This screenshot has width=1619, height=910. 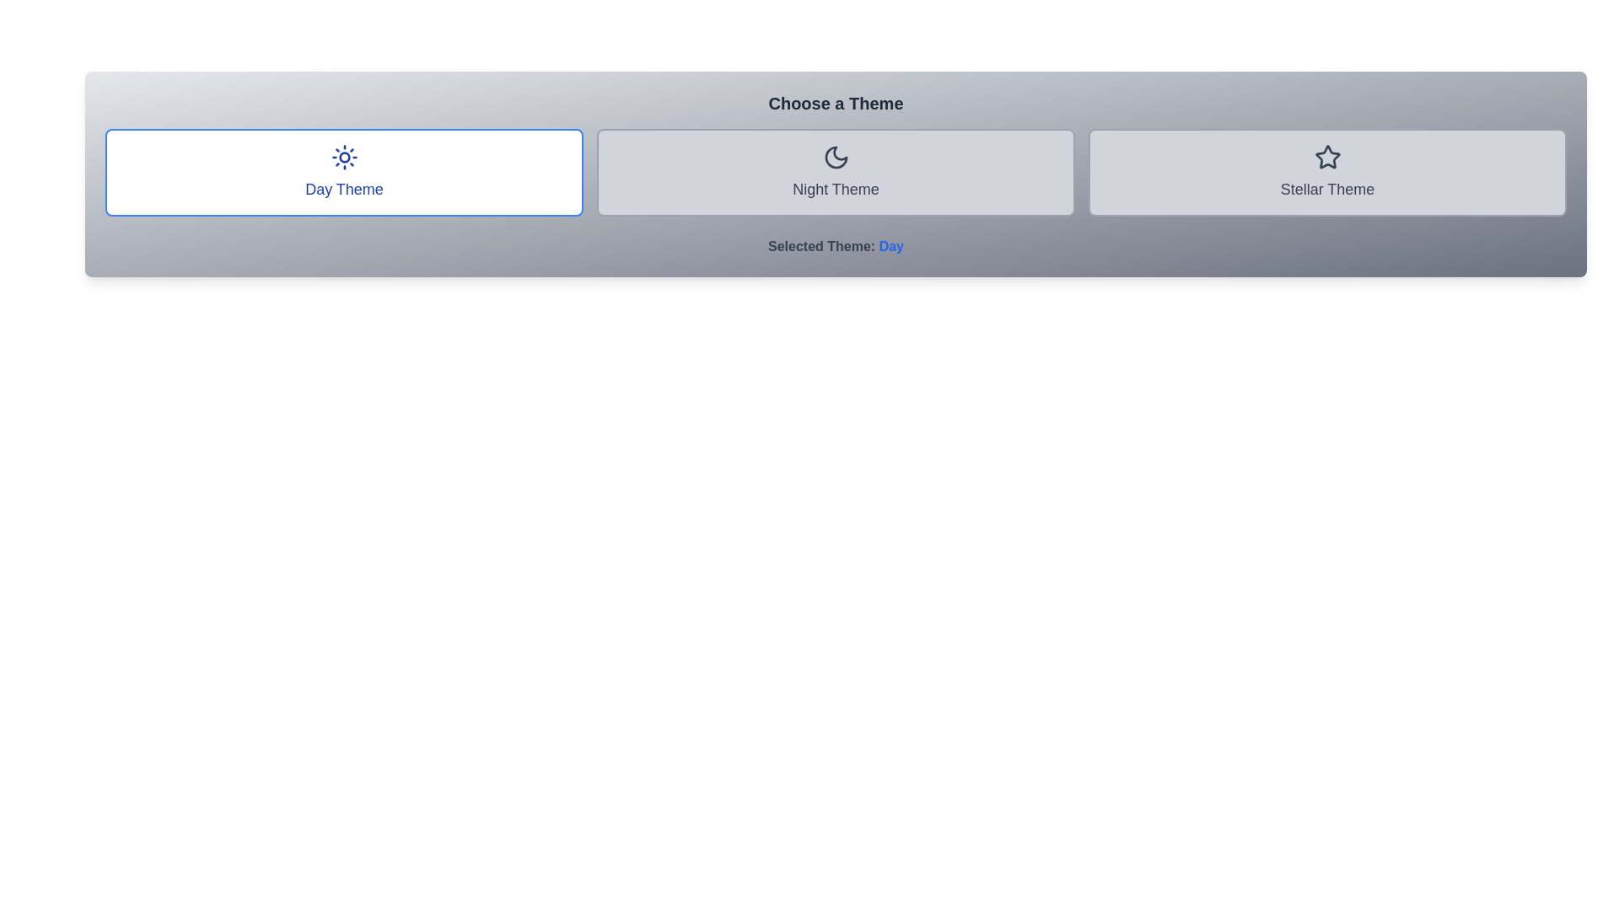 What do you see at coordinates (836, 172) in the screenshot?
I see `the theme night by clicking on its respective button` at bounding box center [836, 172].